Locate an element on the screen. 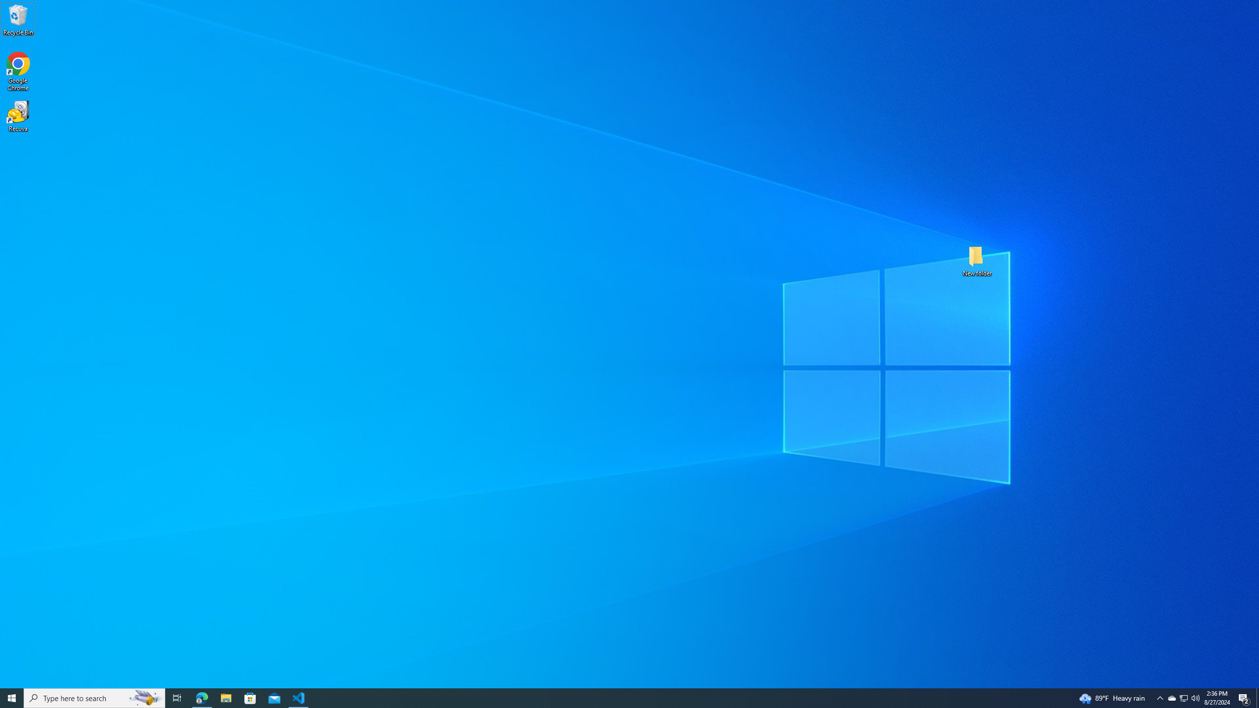 The height and width of the screenshot is (708, 1259). 'User Promoted Notification Area' is located at coordinates (1183, 697).